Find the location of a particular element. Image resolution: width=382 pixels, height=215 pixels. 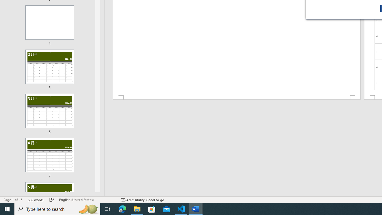

'Accessibility Checker Accessibility: Good to go' is located at coordinates (142, 200).